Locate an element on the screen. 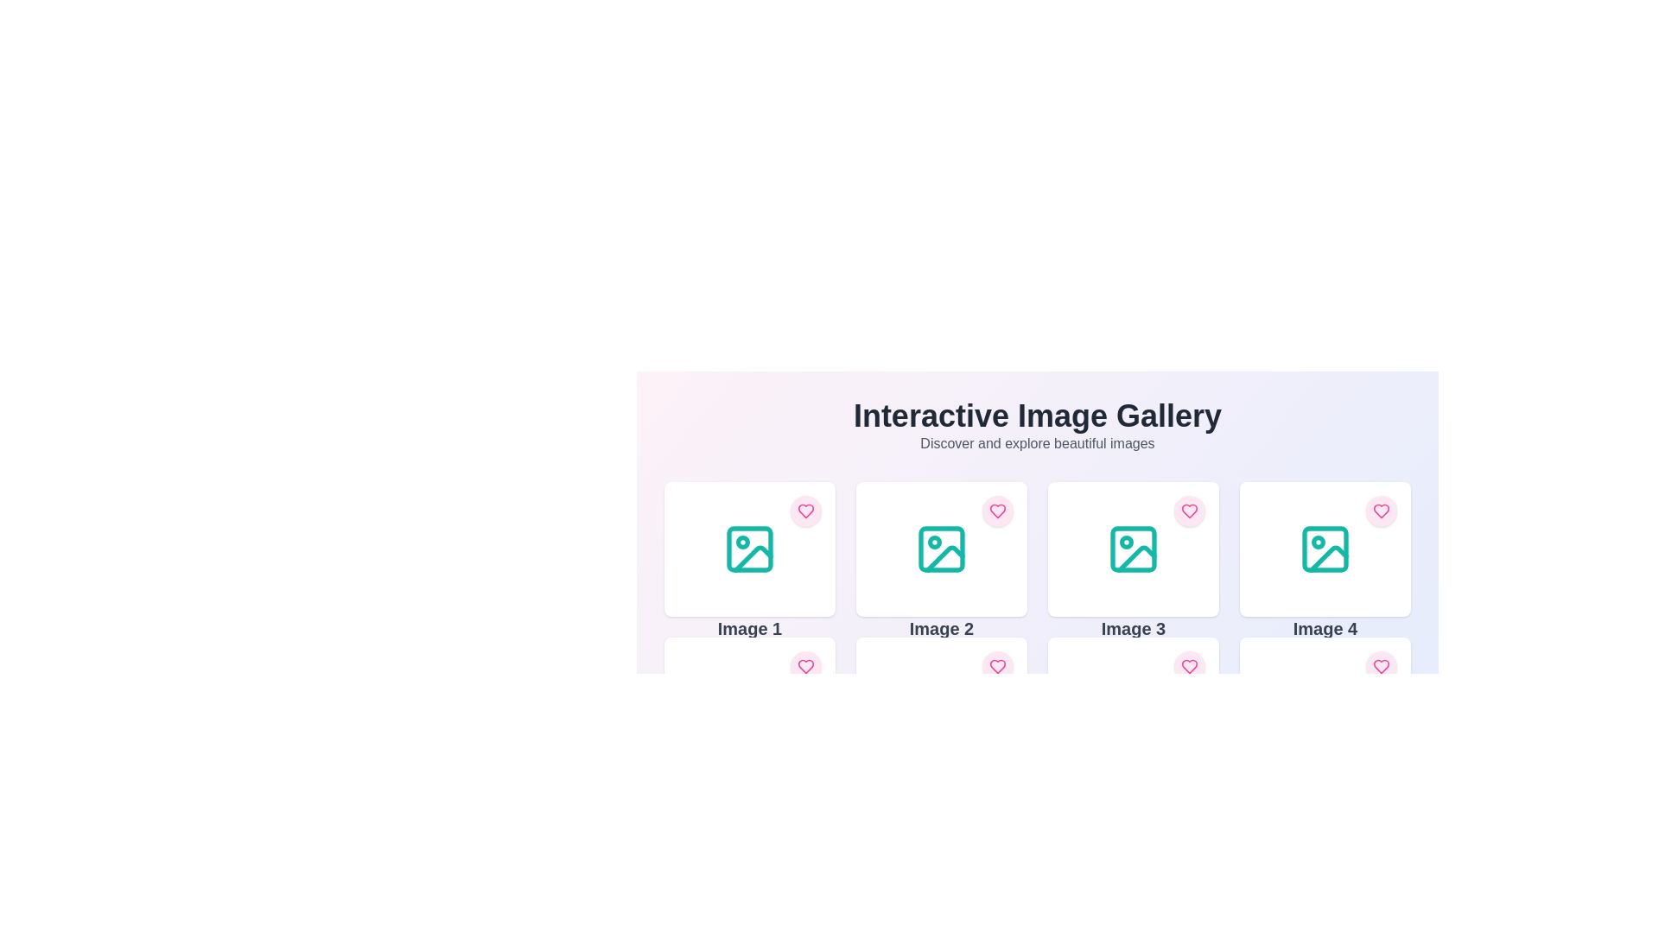 The width and height of the screenshot is (1659, 933). the interactive card labeled 'Image 4' which is the fourth card in the grid layout, located in the top-right of its row is located at coordinates (1325, 549).